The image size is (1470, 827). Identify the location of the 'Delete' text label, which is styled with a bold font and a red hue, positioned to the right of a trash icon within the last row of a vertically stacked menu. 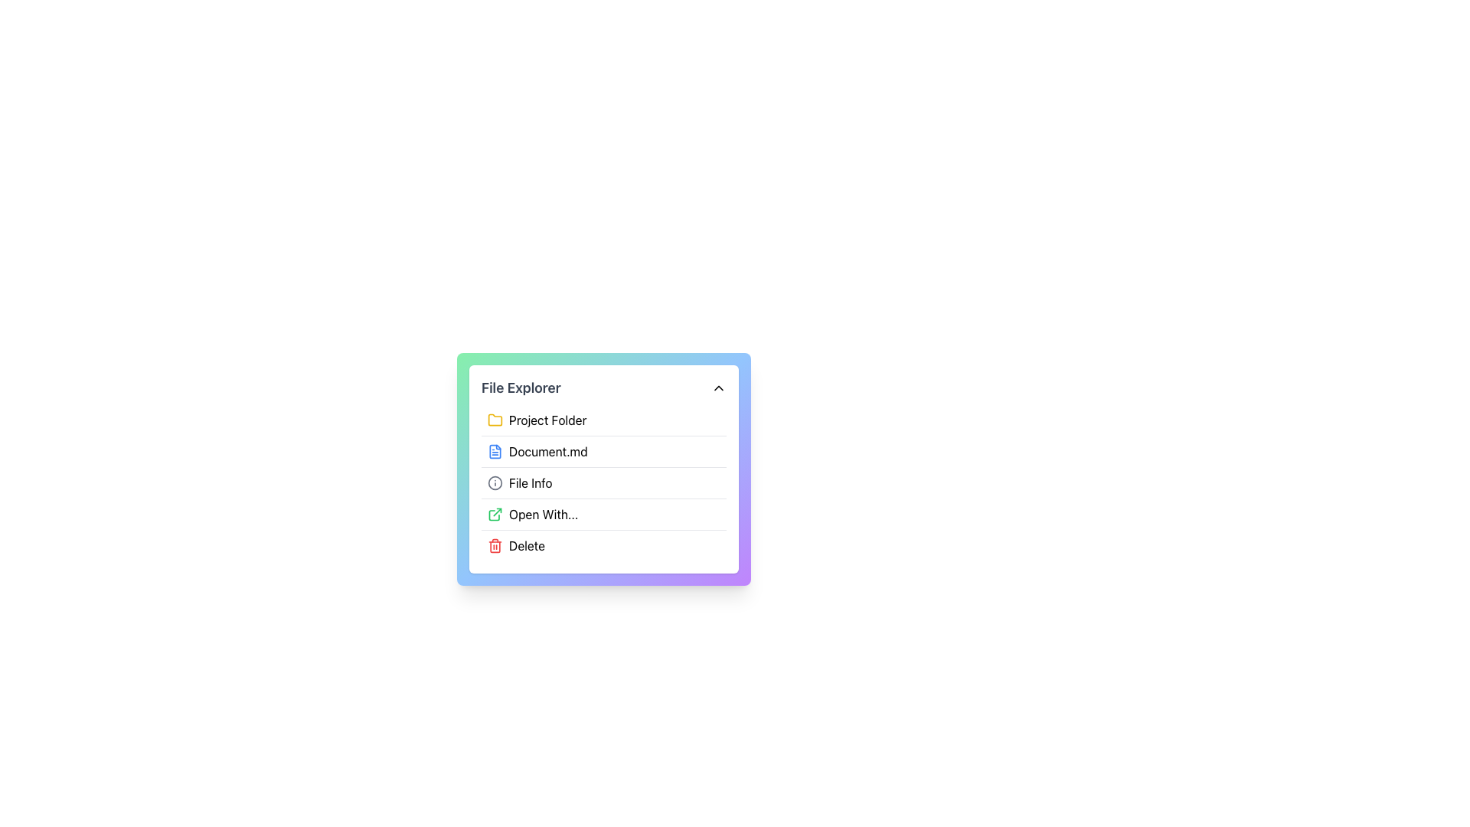
(527, 545).